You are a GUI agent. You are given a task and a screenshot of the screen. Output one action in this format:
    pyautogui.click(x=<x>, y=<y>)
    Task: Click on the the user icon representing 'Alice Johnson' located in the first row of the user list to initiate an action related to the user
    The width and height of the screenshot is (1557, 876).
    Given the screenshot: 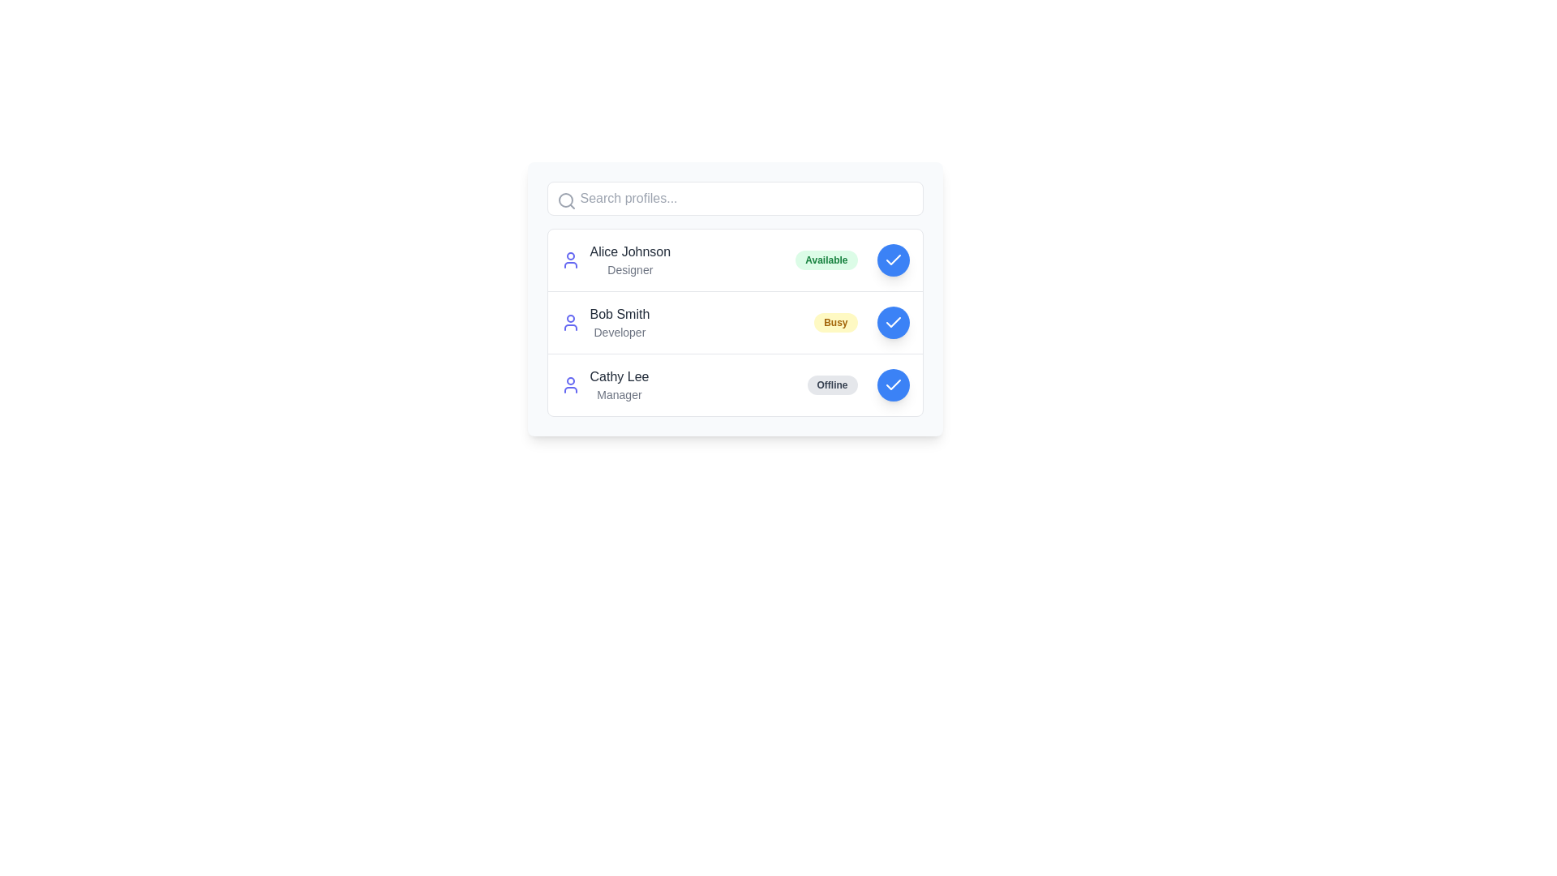 What is the action you would take?
    pyautogui.click(x=570, y=259)
    